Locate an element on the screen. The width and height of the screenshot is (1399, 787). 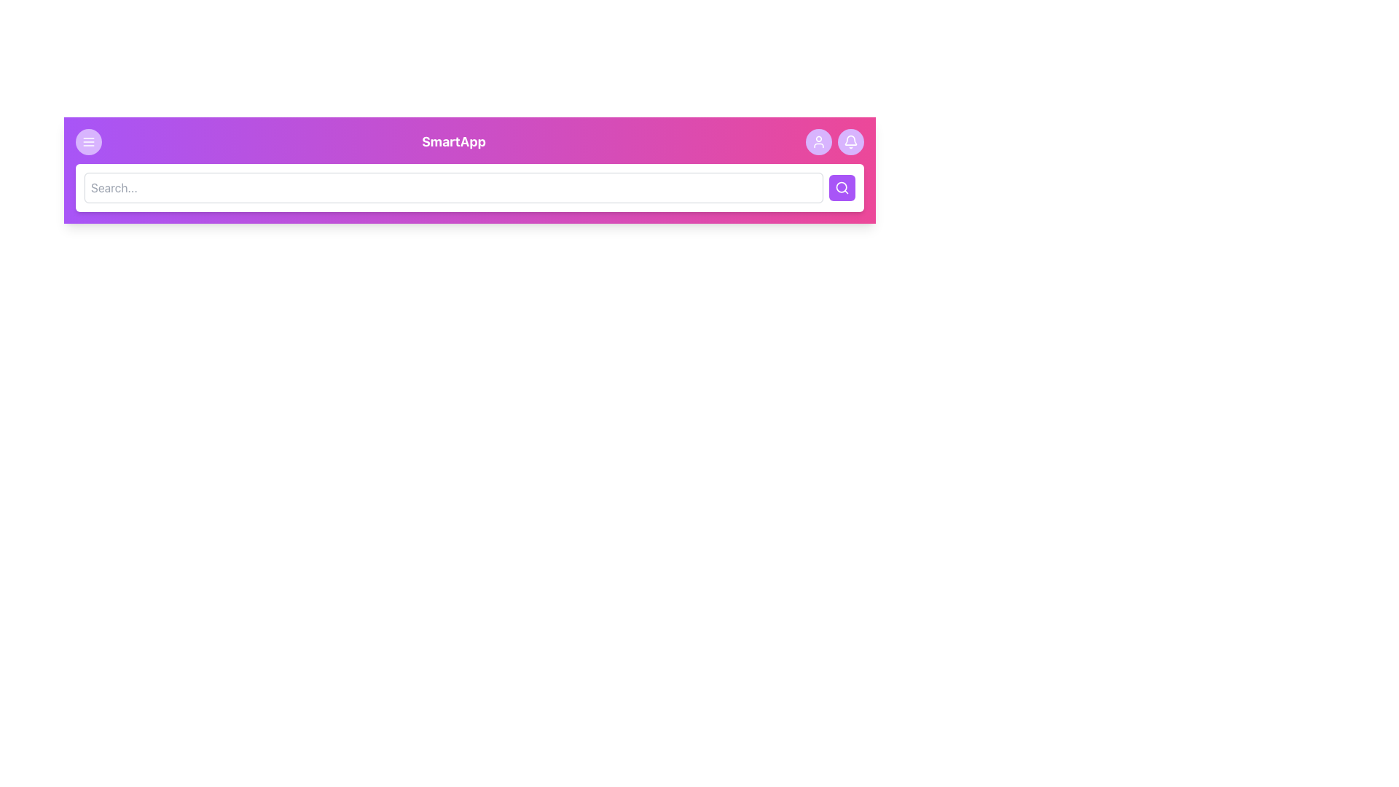
the notification icon located inside the circular button at the far right of the top bar is located at coordinates (850, 142).